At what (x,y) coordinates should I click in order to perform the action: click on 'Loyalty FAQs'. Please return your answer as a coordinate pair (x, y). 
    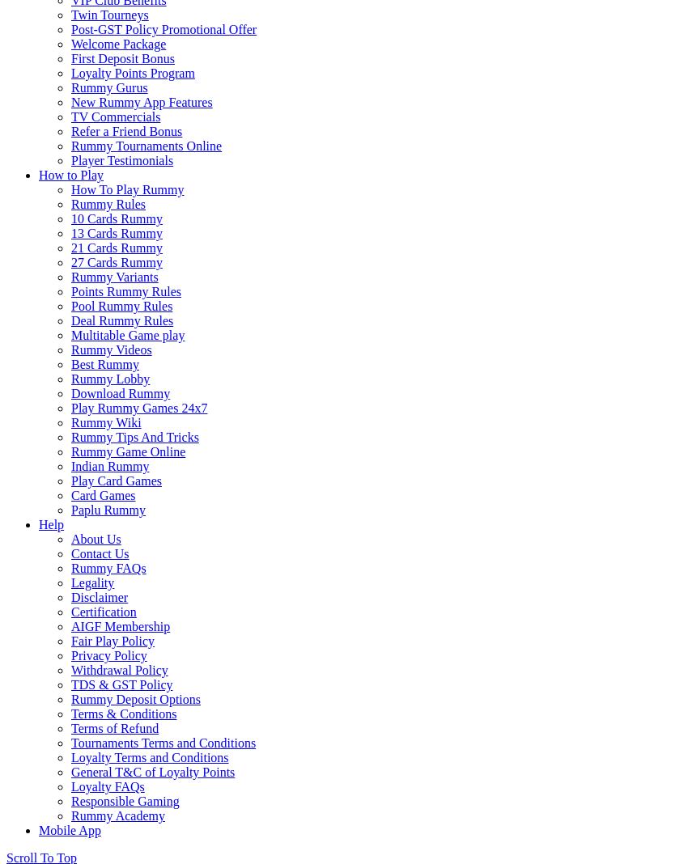
    Looking at the image, I should click on (108, 786).